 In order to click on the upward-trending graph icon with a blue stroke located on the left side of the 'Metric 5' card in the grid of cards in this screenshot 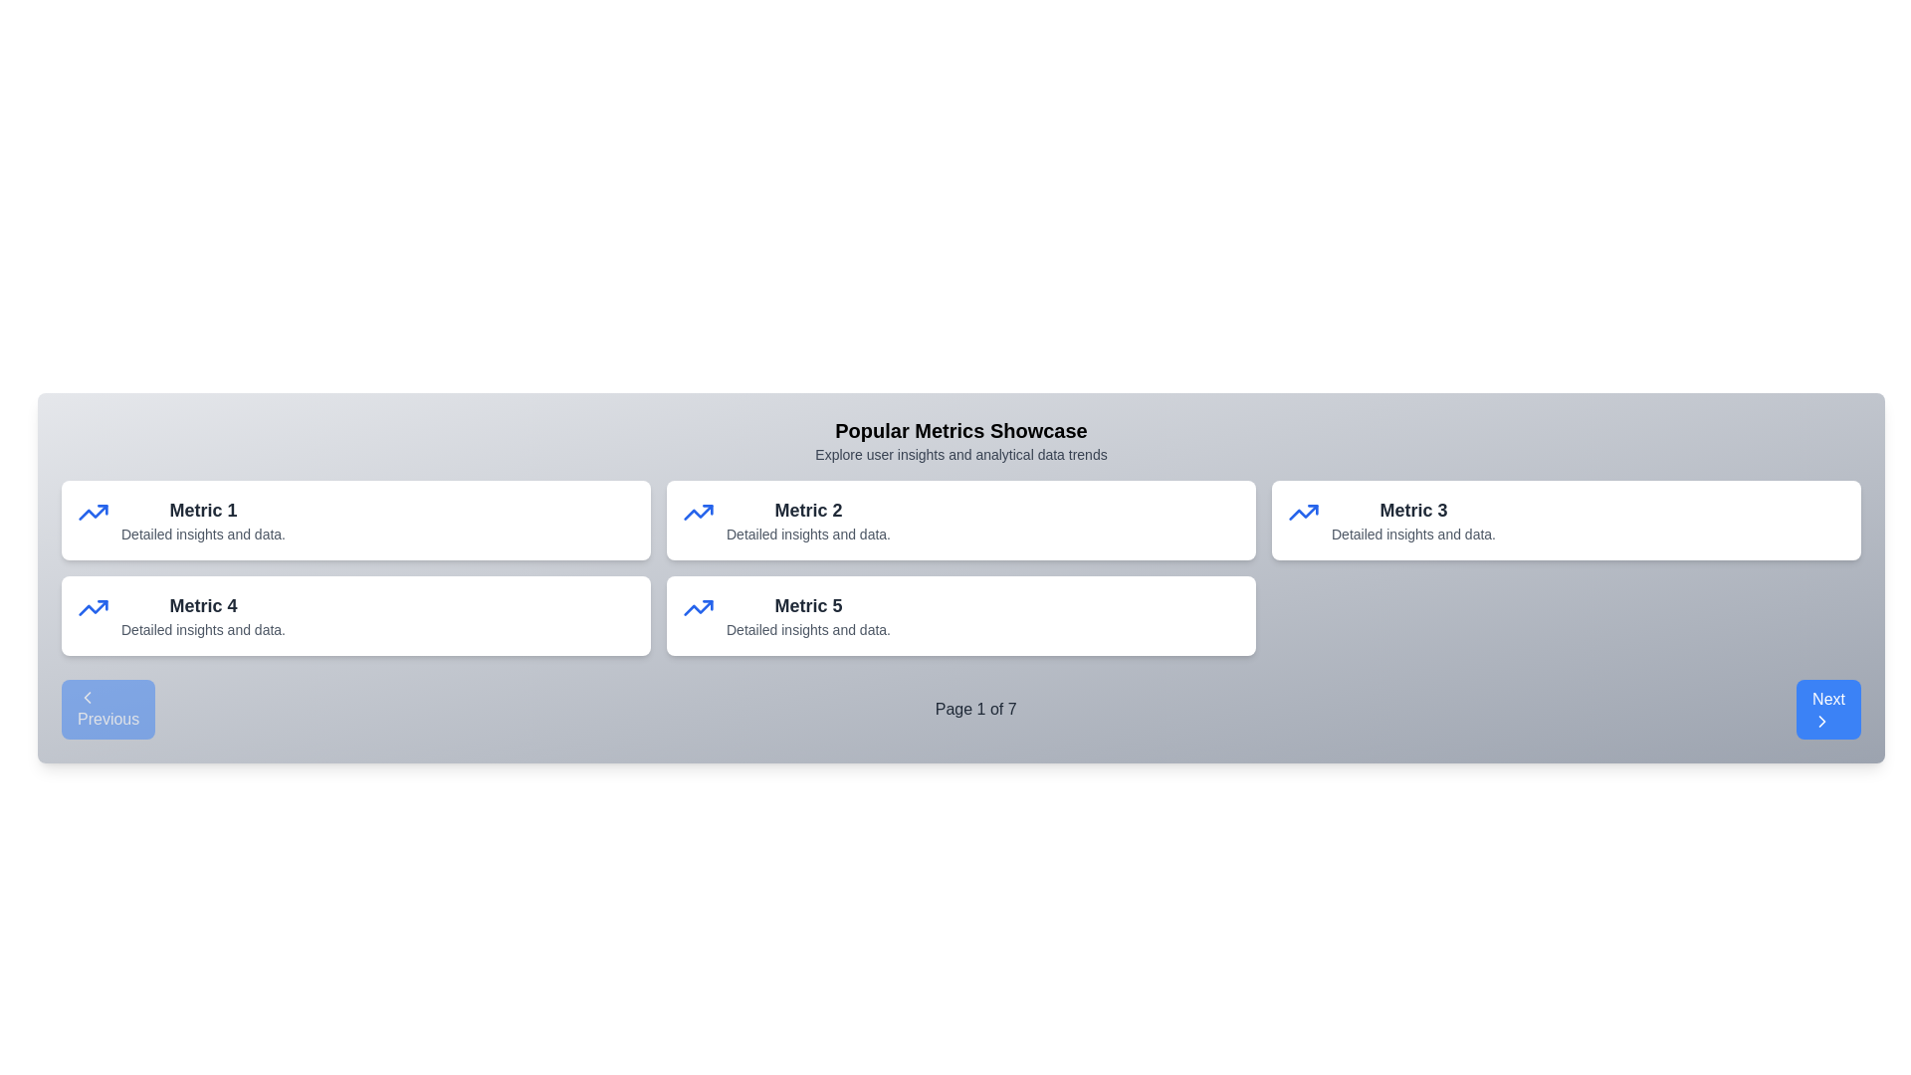, I will do `click(698, 606)`.